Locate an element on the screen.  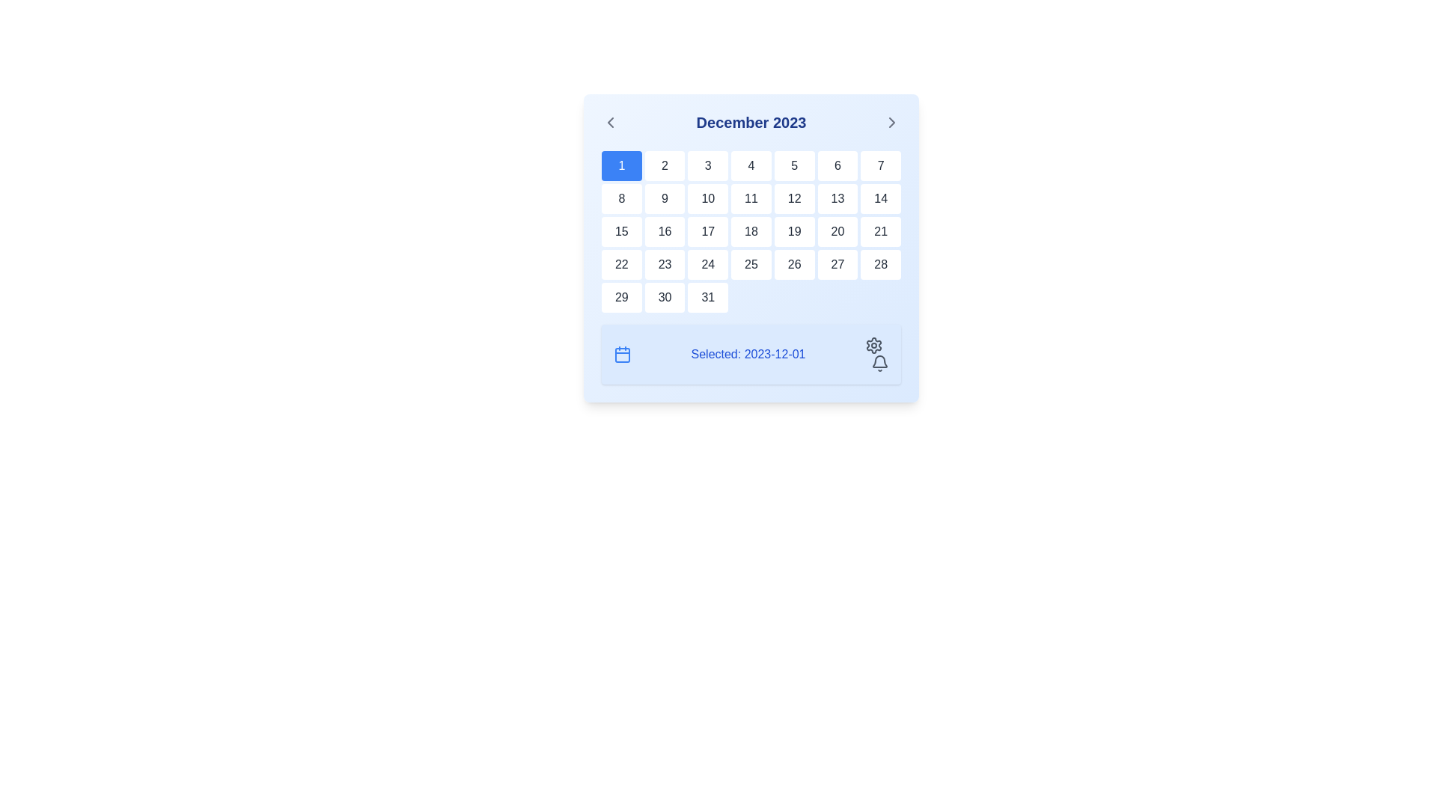
the square-shaped button displaying '15' in the calendar for December 2023 is located at coordinates (621, 231).